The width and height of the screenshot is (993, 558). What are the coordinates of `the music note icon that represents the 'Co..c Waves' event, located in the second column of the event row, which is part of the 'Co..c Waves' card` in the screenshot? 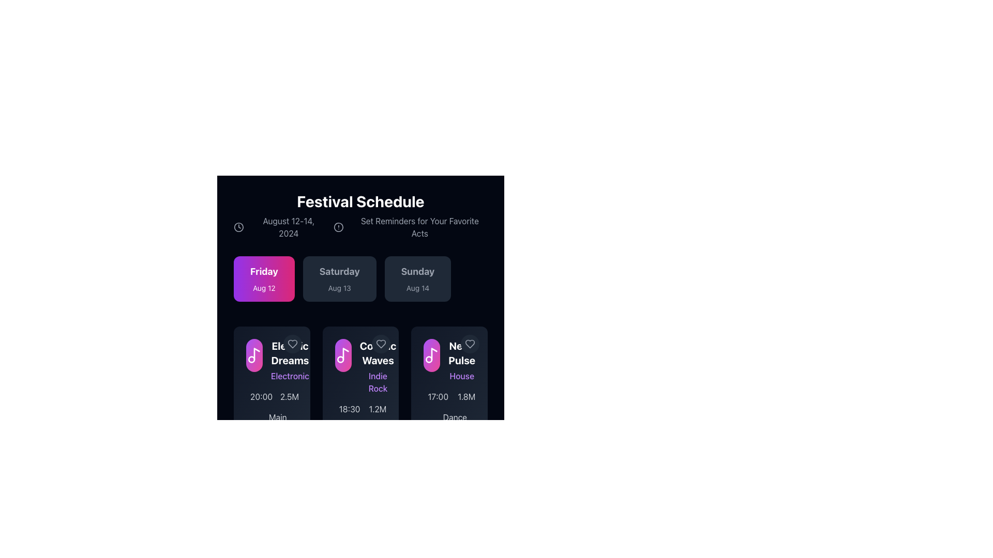 It's located at (343, 354).